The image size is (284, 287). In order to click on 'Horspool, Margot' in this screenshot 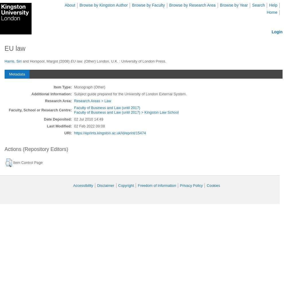, I will do `click(44, 61)`.